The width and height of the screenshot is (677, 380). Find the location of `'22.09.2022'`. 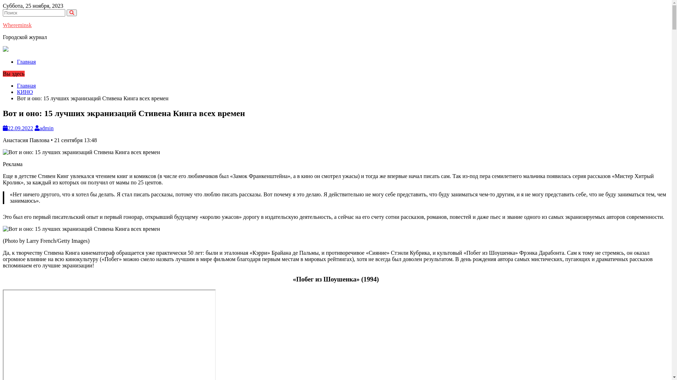

'22.09.2022' is located at coordinates (18, 128).